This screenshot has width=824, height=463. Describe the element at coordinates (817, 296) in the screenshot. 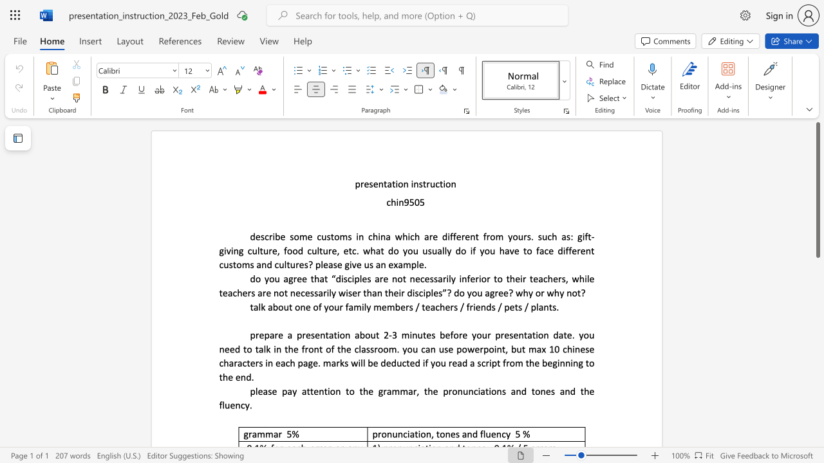

I see `the scrollbar on the right to move the page downward` at that location.